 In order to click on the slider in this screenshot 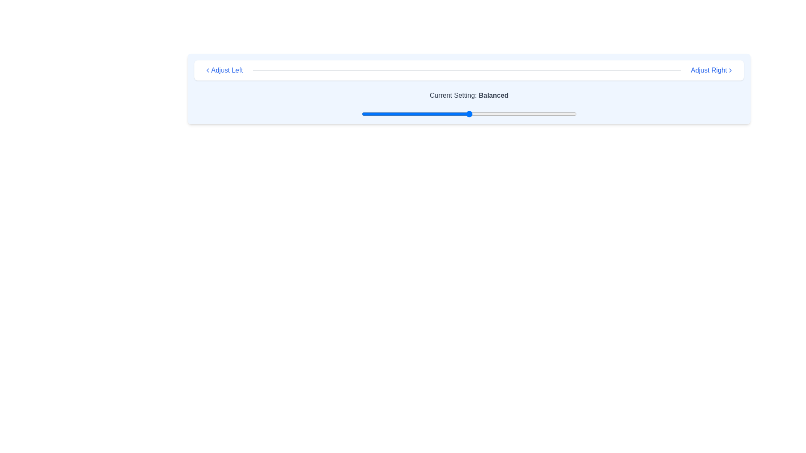, I will do `click(449, 114)`.